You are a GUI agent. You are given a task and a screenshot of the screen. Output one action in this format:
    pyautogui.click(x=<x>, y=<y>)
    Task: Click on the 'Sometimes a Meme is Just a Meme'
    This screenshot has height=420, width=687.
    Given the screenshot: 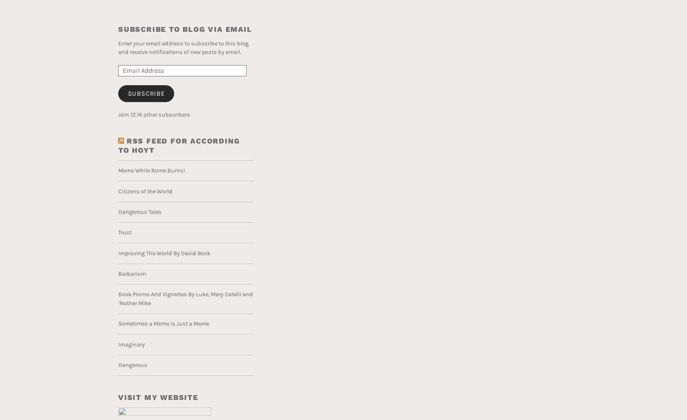 What is the action you would take?
    pyautogui.click(x=164, y=324)
    